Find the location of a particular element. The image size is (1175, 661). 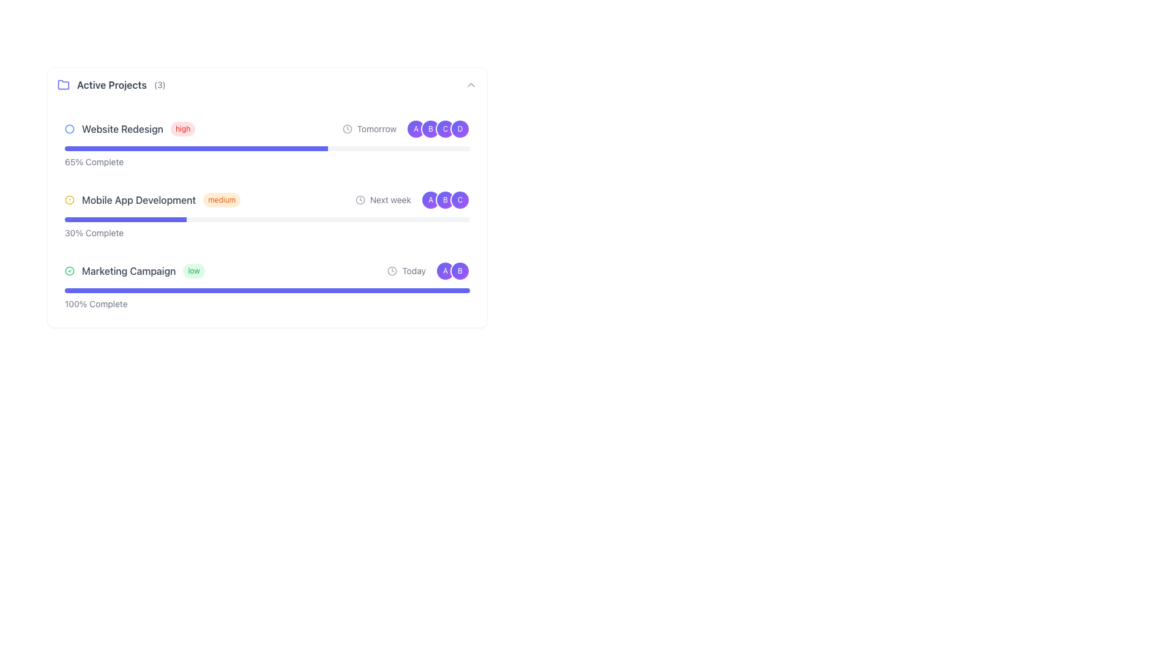

the group of avatar icons representing participants 'A' and 'B' in the 'Marketing Campaign' project is located at coordinates (452, 271).